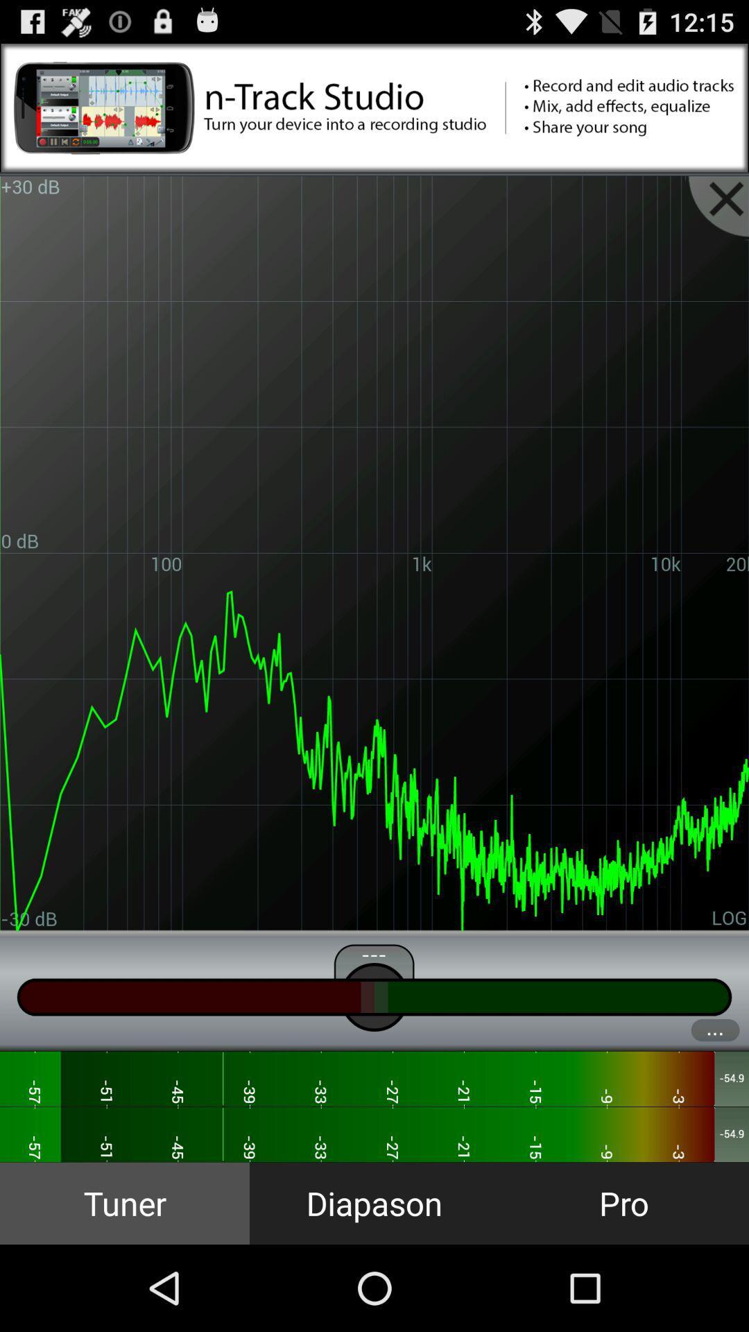  What do you see at coordinates (374, 107) in the screenshot?
I see `this advertisement` at bounding box center [374, 107].